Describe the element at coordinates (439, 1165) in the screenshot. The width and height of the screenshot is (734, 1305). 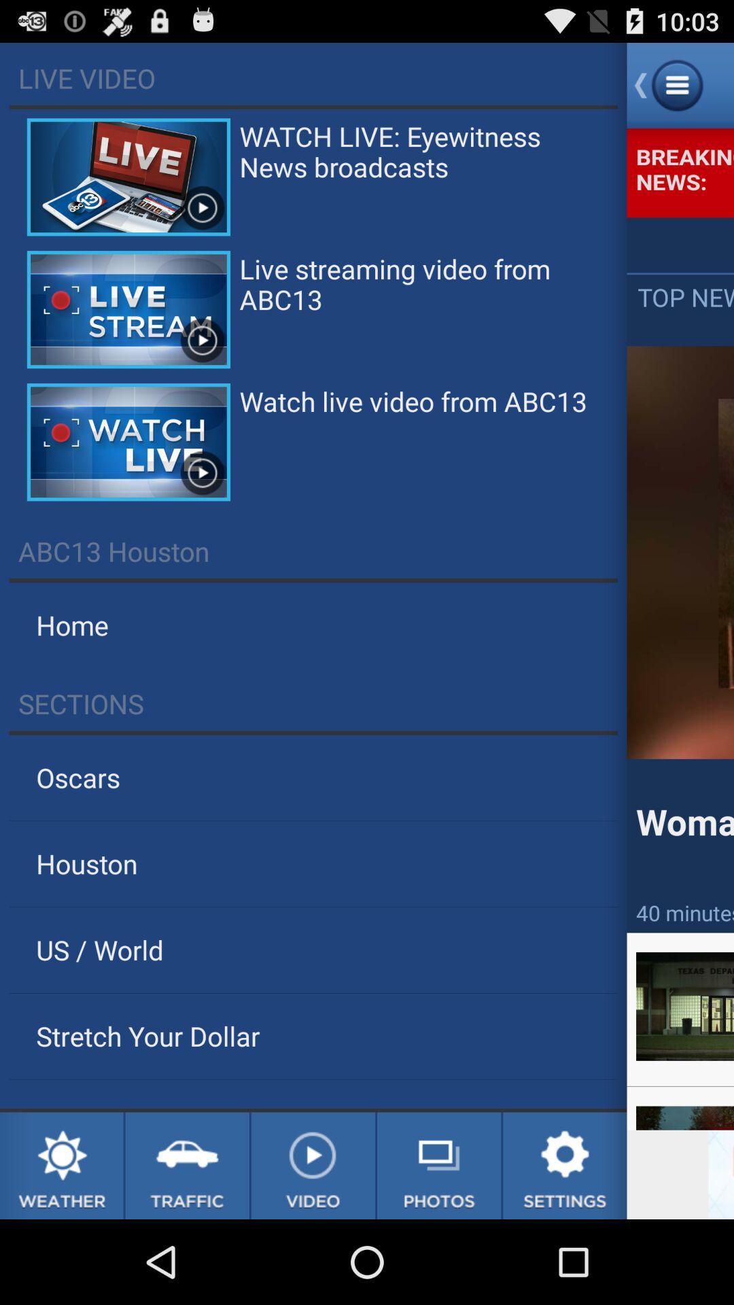
I see `open photos` at that location.